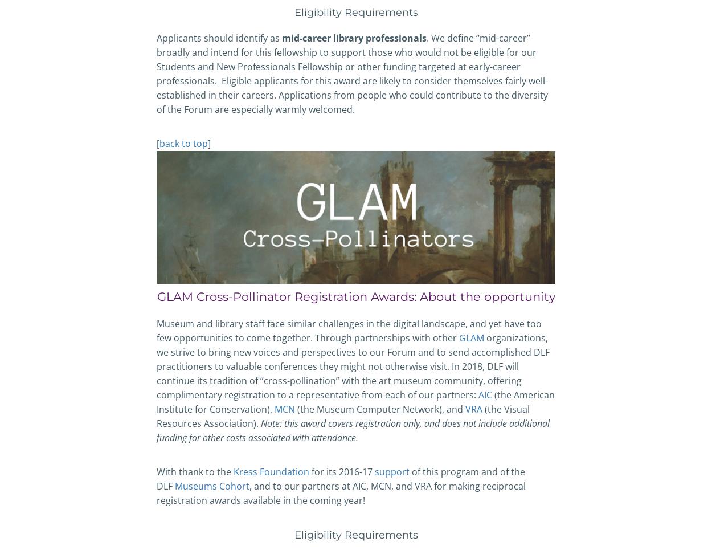  Describe the element at coordinates (157, 142) in the screenshot. I see `'['` at that location.